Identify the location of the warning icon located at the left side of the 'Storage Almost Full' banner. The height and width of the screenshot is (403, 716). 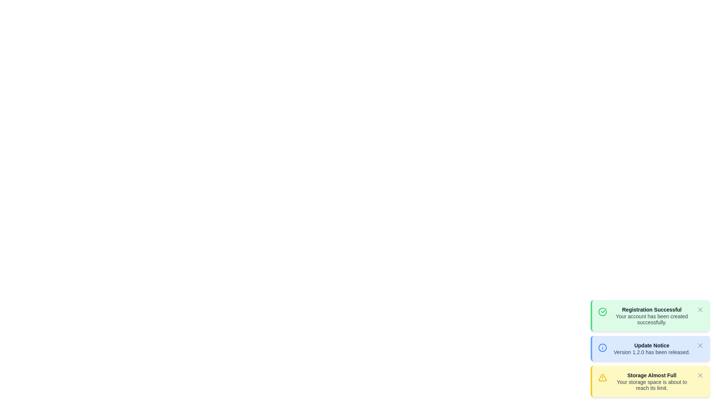
(603, 377).